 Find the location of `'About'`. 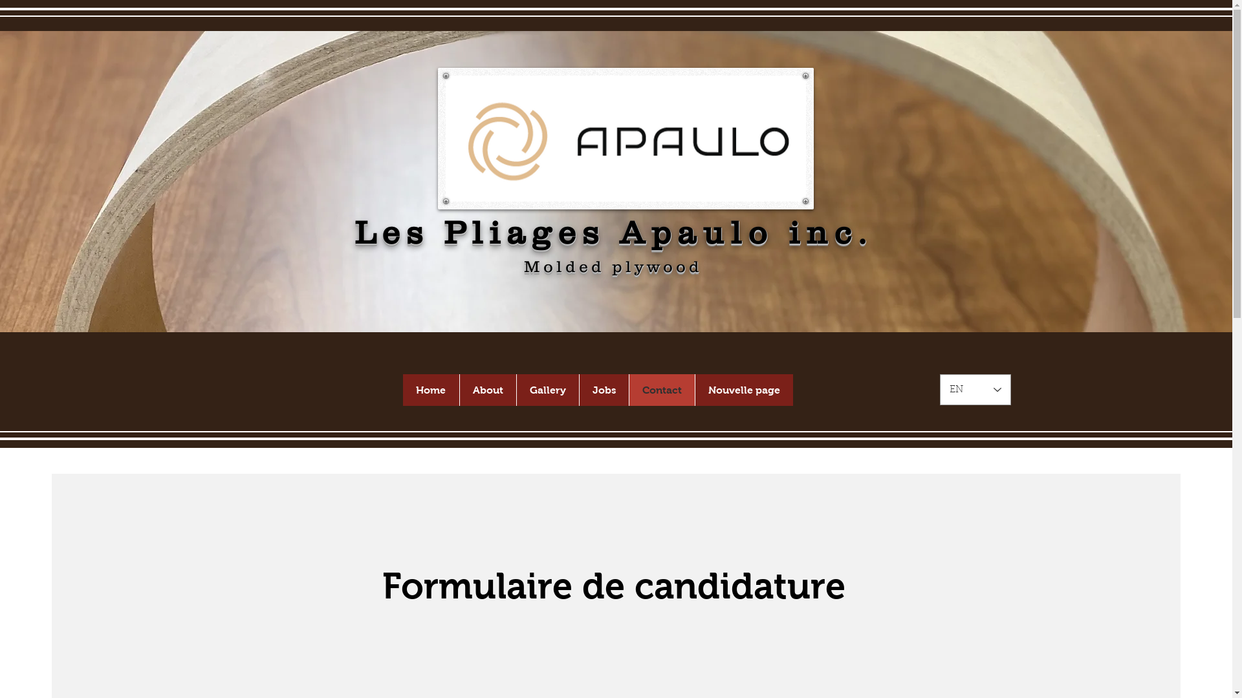

'About' is located at coordinates (459, 389).